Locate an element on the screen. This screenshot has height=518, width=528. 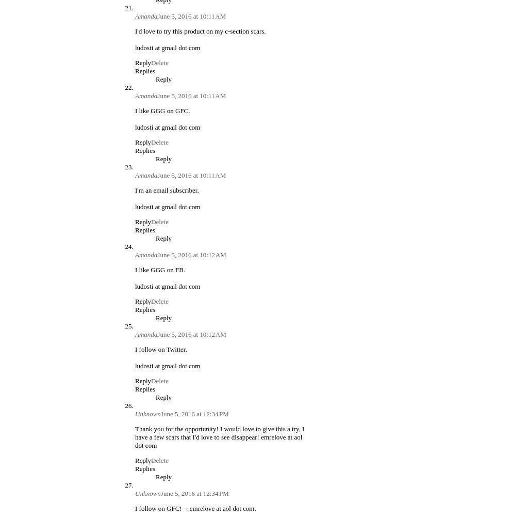
'Thank you for the opportunity!  I would love to give this a try, I have a few scars that I'd love to see disappear!  emrelove at aol dot com' is located at coordinates (219, 436).